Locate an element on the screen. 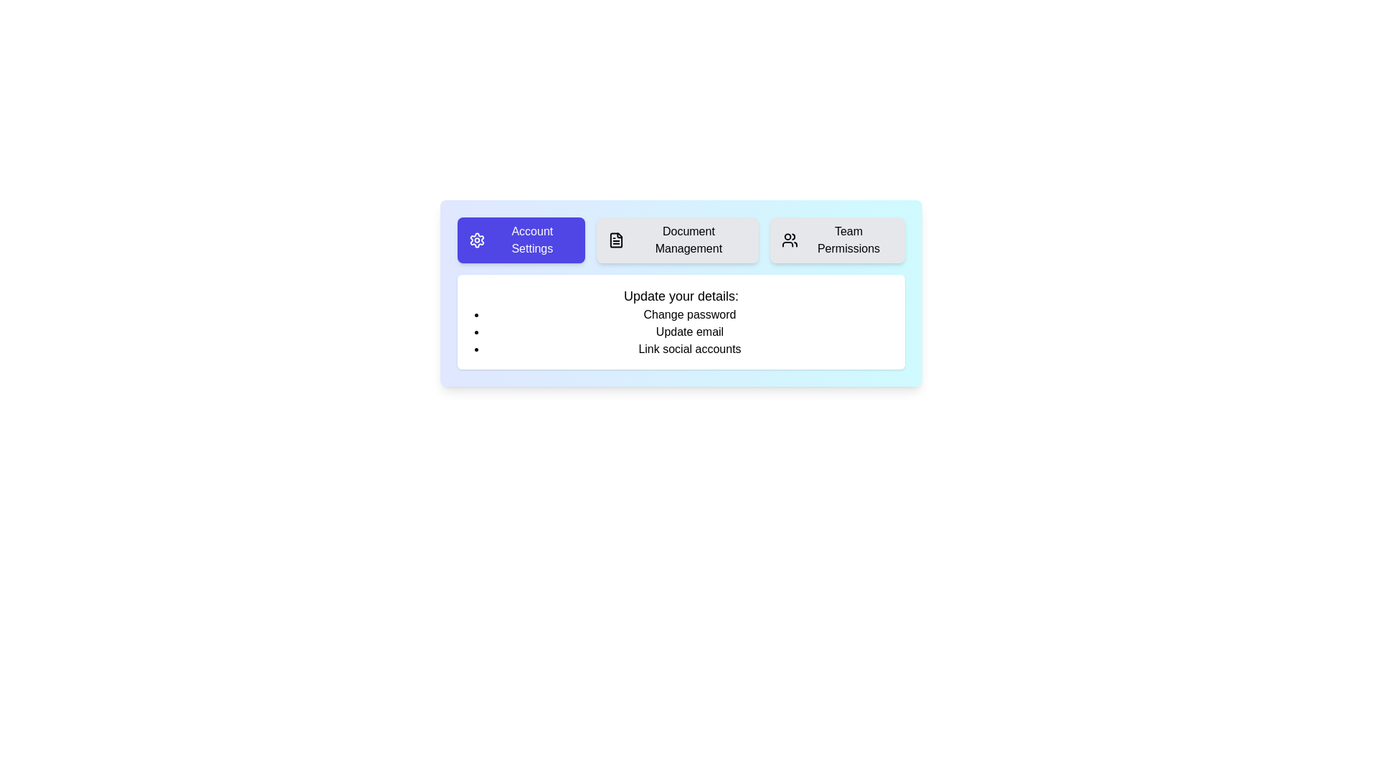 Image resolution: width=1377 pixels, height=775 pixels. the text label 'Link social accounts', which is the third entry in a bulleted list under 'Update your details' is located at coordinates (689, 349).